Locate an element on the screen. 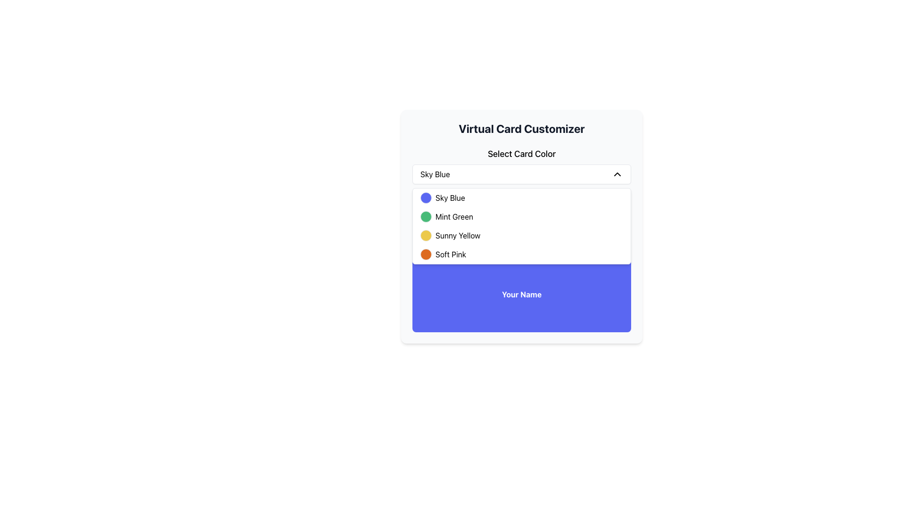 This screenshot has height=509, width=905. the yellow color indicator, which is a circular graphic located to the left of the 'Sunny Yellow' label in the dropdown menu under 'Select Card Color' is located at coordinates (425, 235).